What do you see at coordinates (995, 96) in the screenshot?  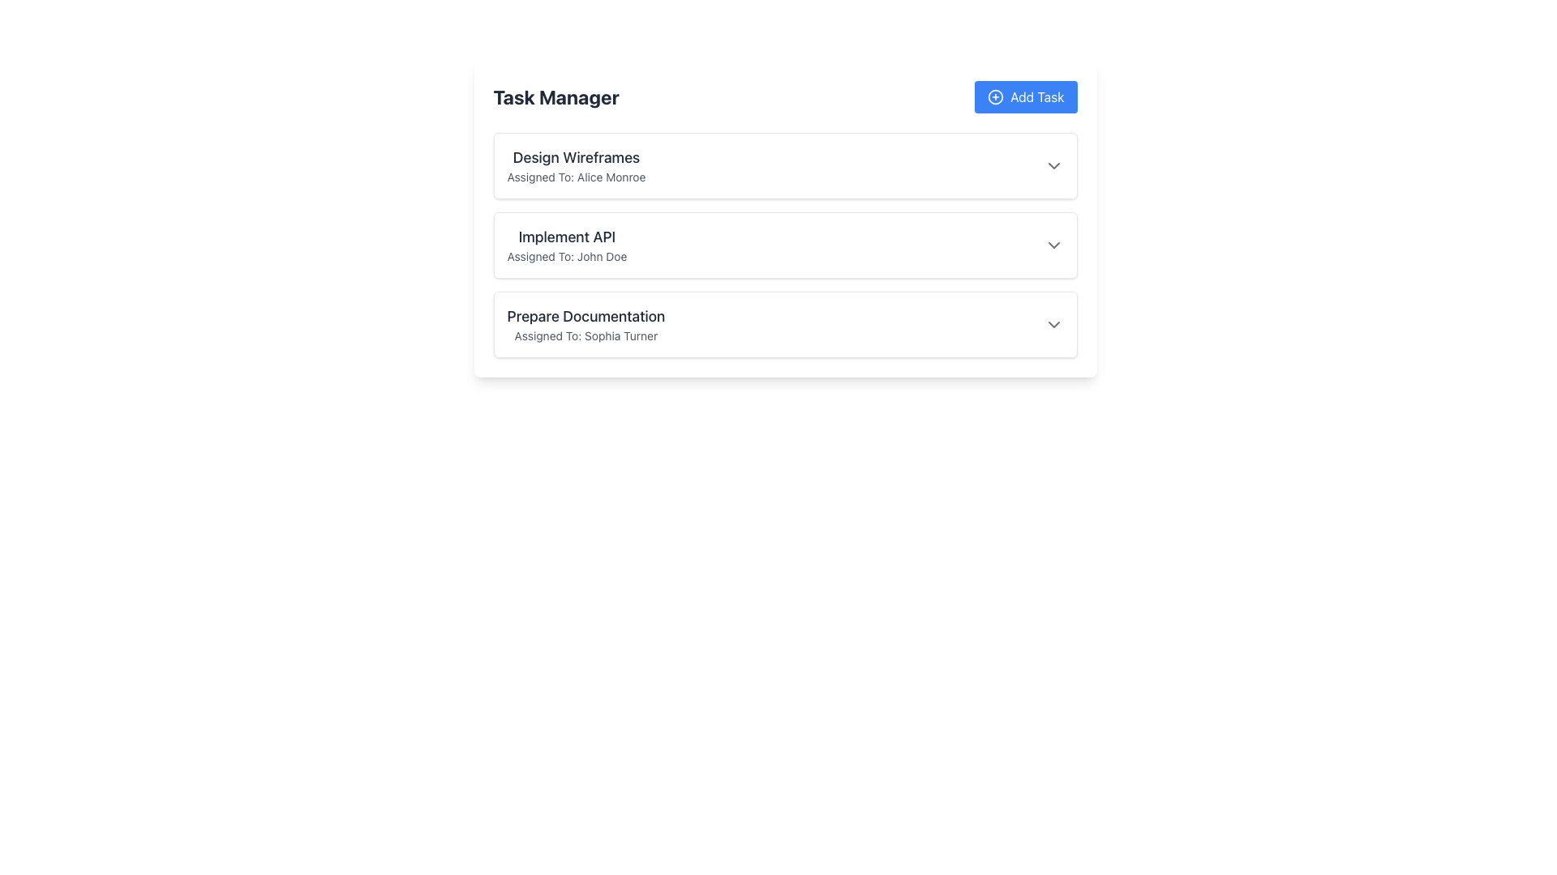 I see `the circular blue and white '+' icon located to the left of the 'Add Task' button as part of the button's visual design` at bounding box center [995, 96].